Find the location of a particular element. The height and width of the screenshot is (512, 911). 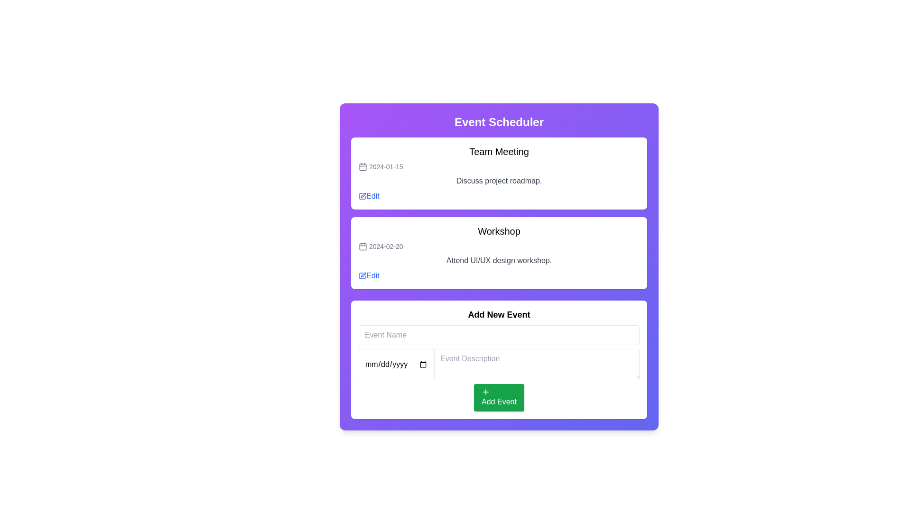

the 'Edit' icon represented by a square with a pen, which is part of the second event titled 'Workshop' in the list is located at coordinates (362, 276).